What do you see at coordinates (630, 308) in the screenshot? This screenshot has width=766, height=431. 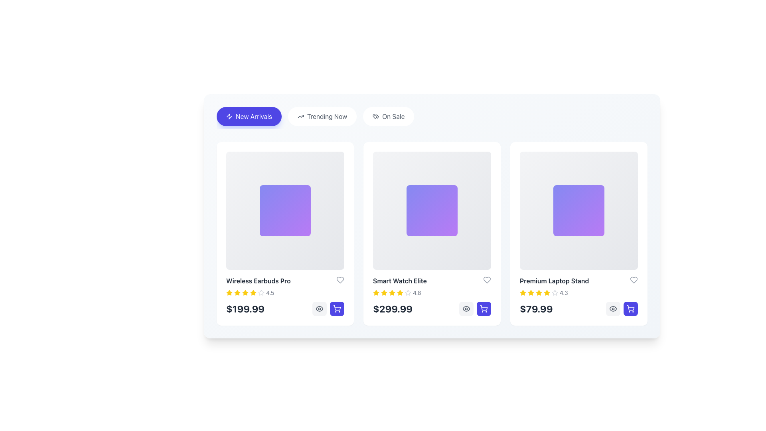 I see `the button located at the bottom-right corner of the third product card` at bounding box center [630, 308].